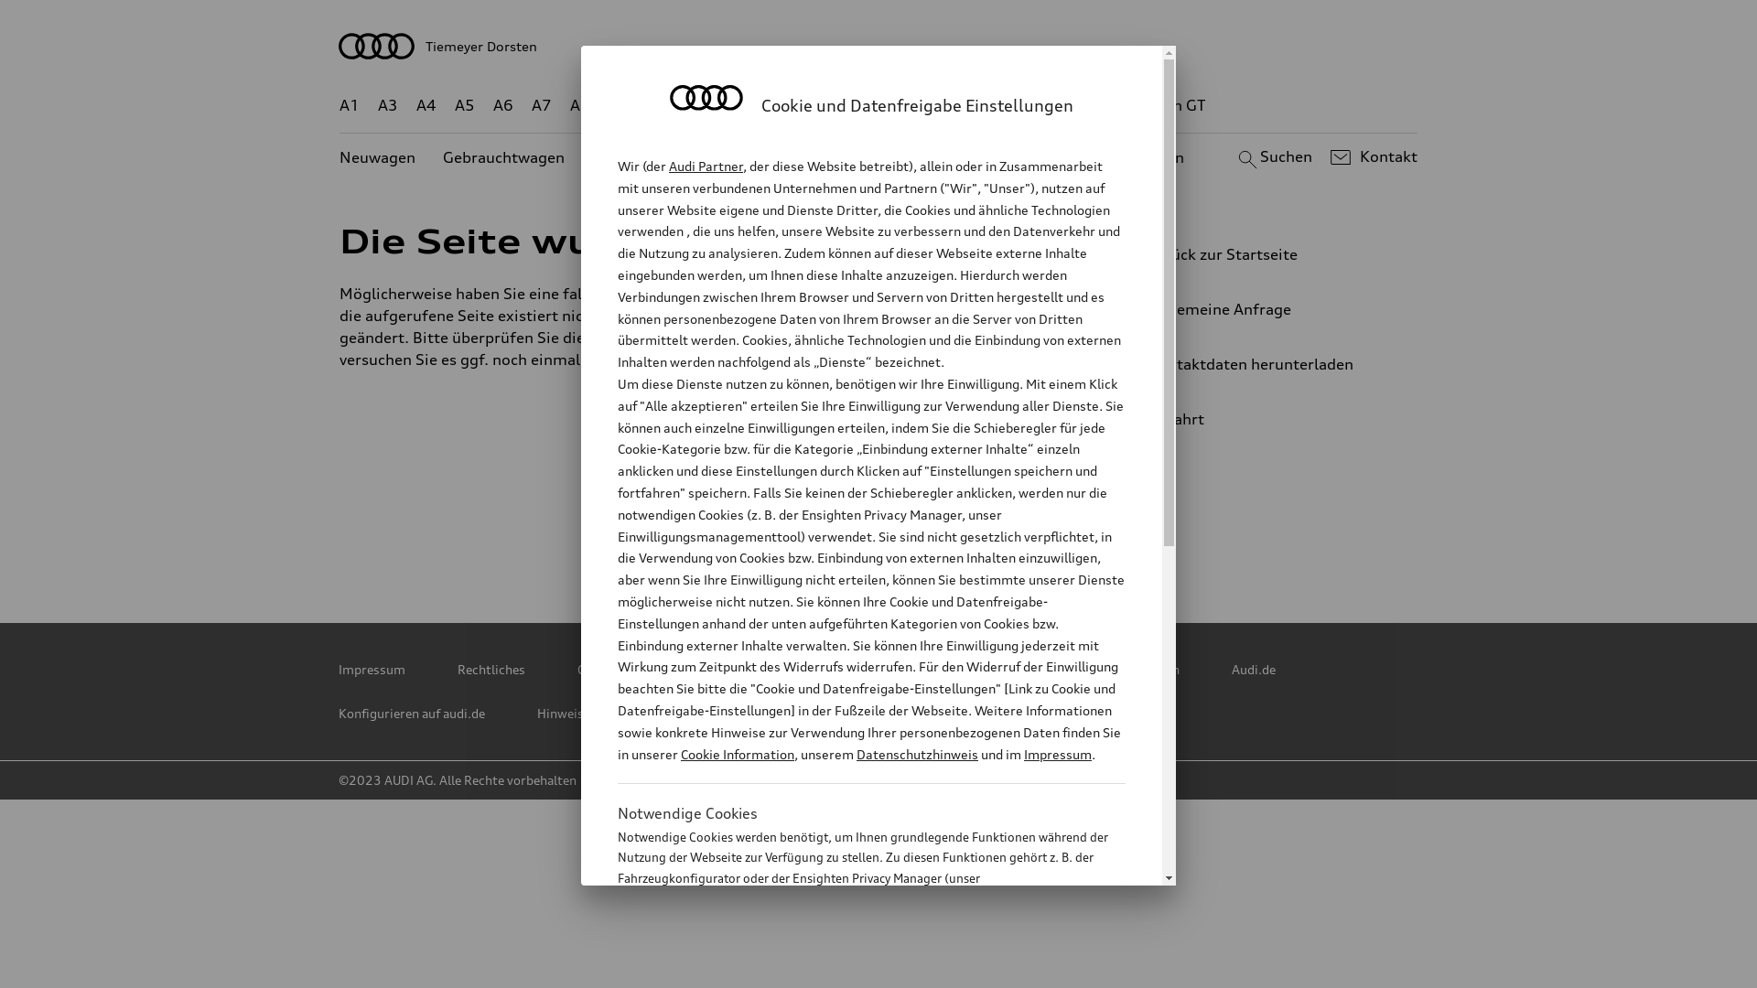 Image resolution: width=1757 pixels, height=988 pixels. Describe the element at coordinates (350, 105) in the screenshot. I see `'A1'` at that location.